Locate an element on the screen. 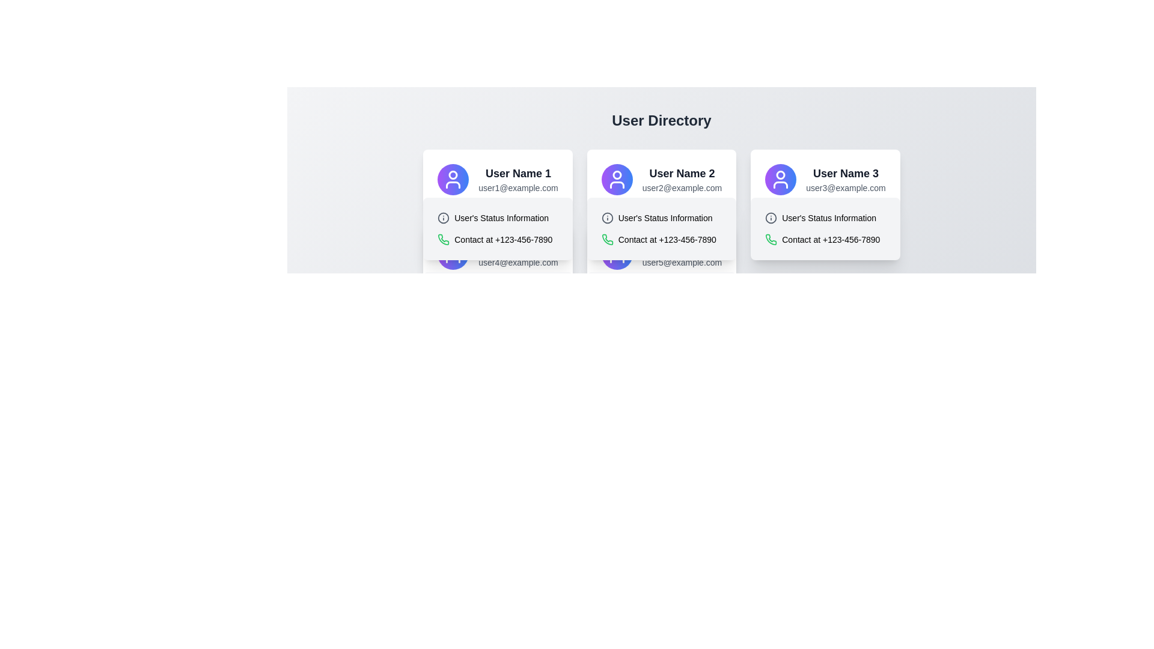 The image size is (1154, 649). text content of the 'User's Status Information' label located in the second user card from the left in the 'User Directory', below the 'User Name 2' heading and email address is located at coordinates (661, 218).